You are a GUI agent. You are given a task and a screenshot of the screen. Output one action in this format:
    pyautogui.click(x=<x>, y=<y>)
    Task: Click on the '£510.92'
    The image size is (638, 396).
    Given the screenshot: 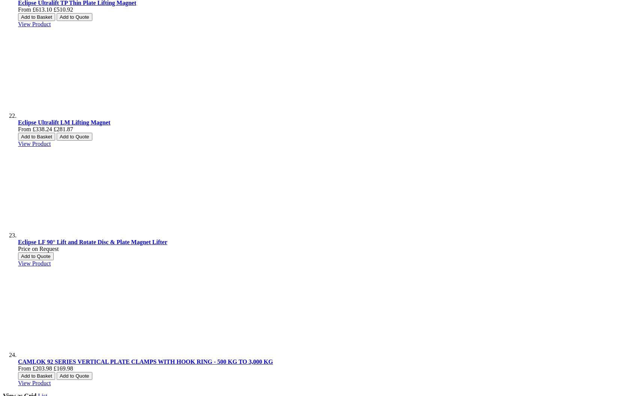 What is the action you would take?
    pyautogui.click(x=62, y=9)
    